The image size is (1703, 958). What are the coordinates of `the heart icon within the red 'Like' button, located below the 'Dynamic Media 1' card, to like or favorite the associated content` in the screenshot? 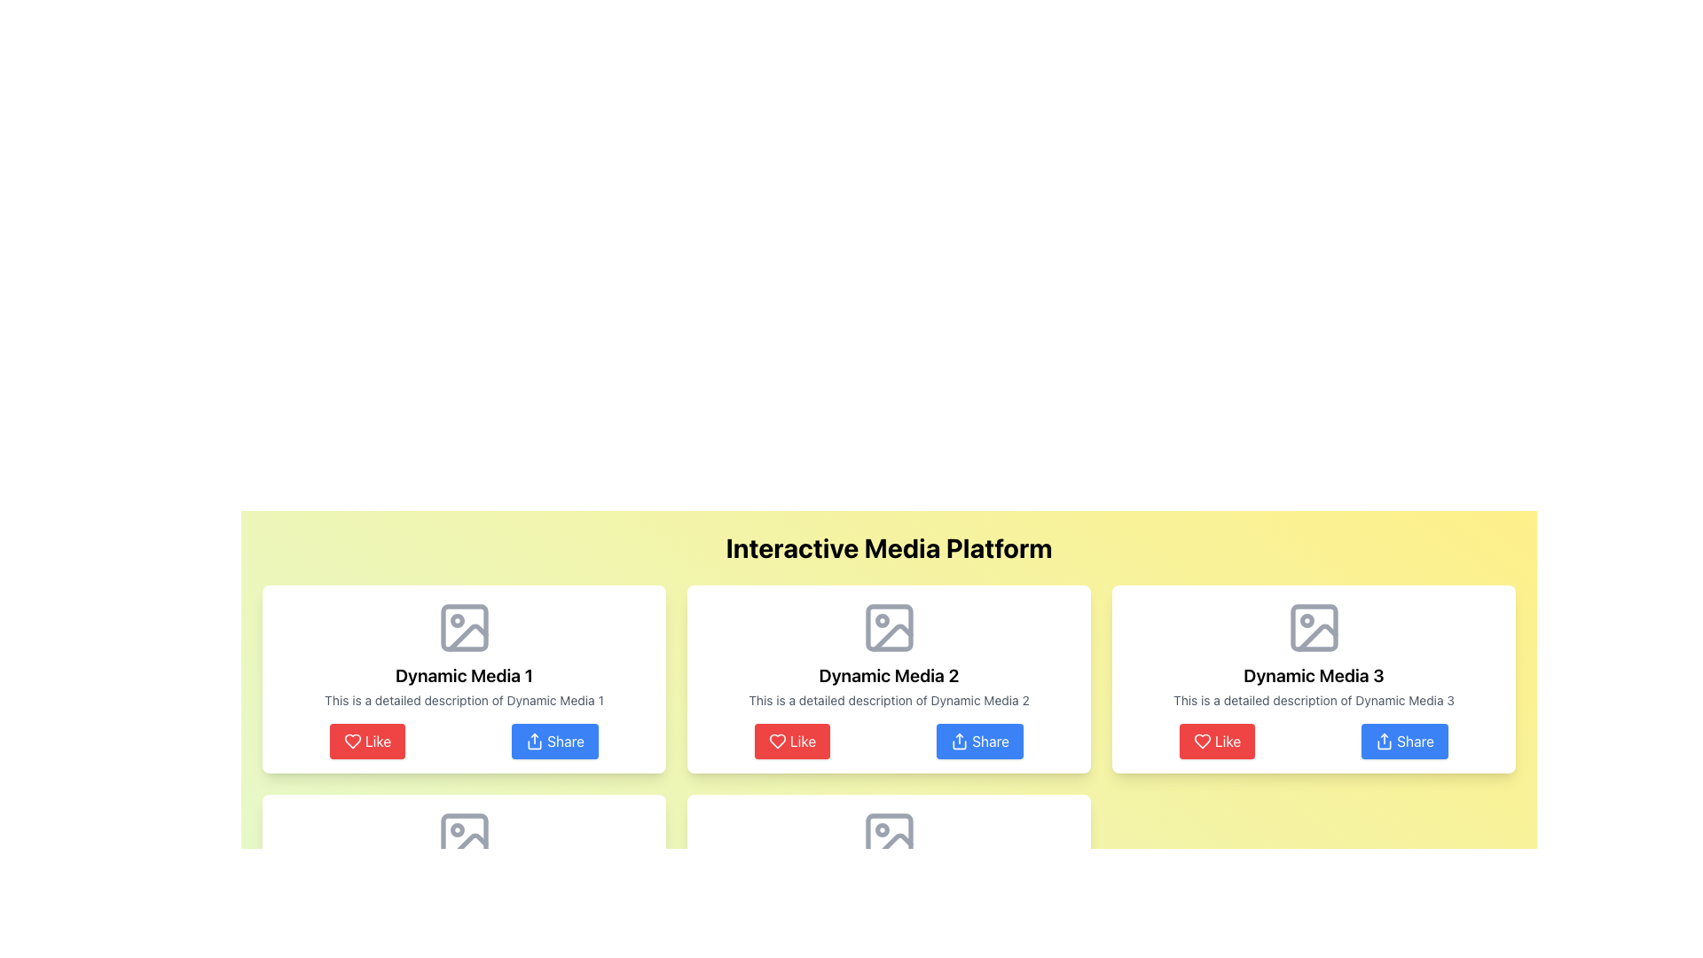 It's located at (353, 742).